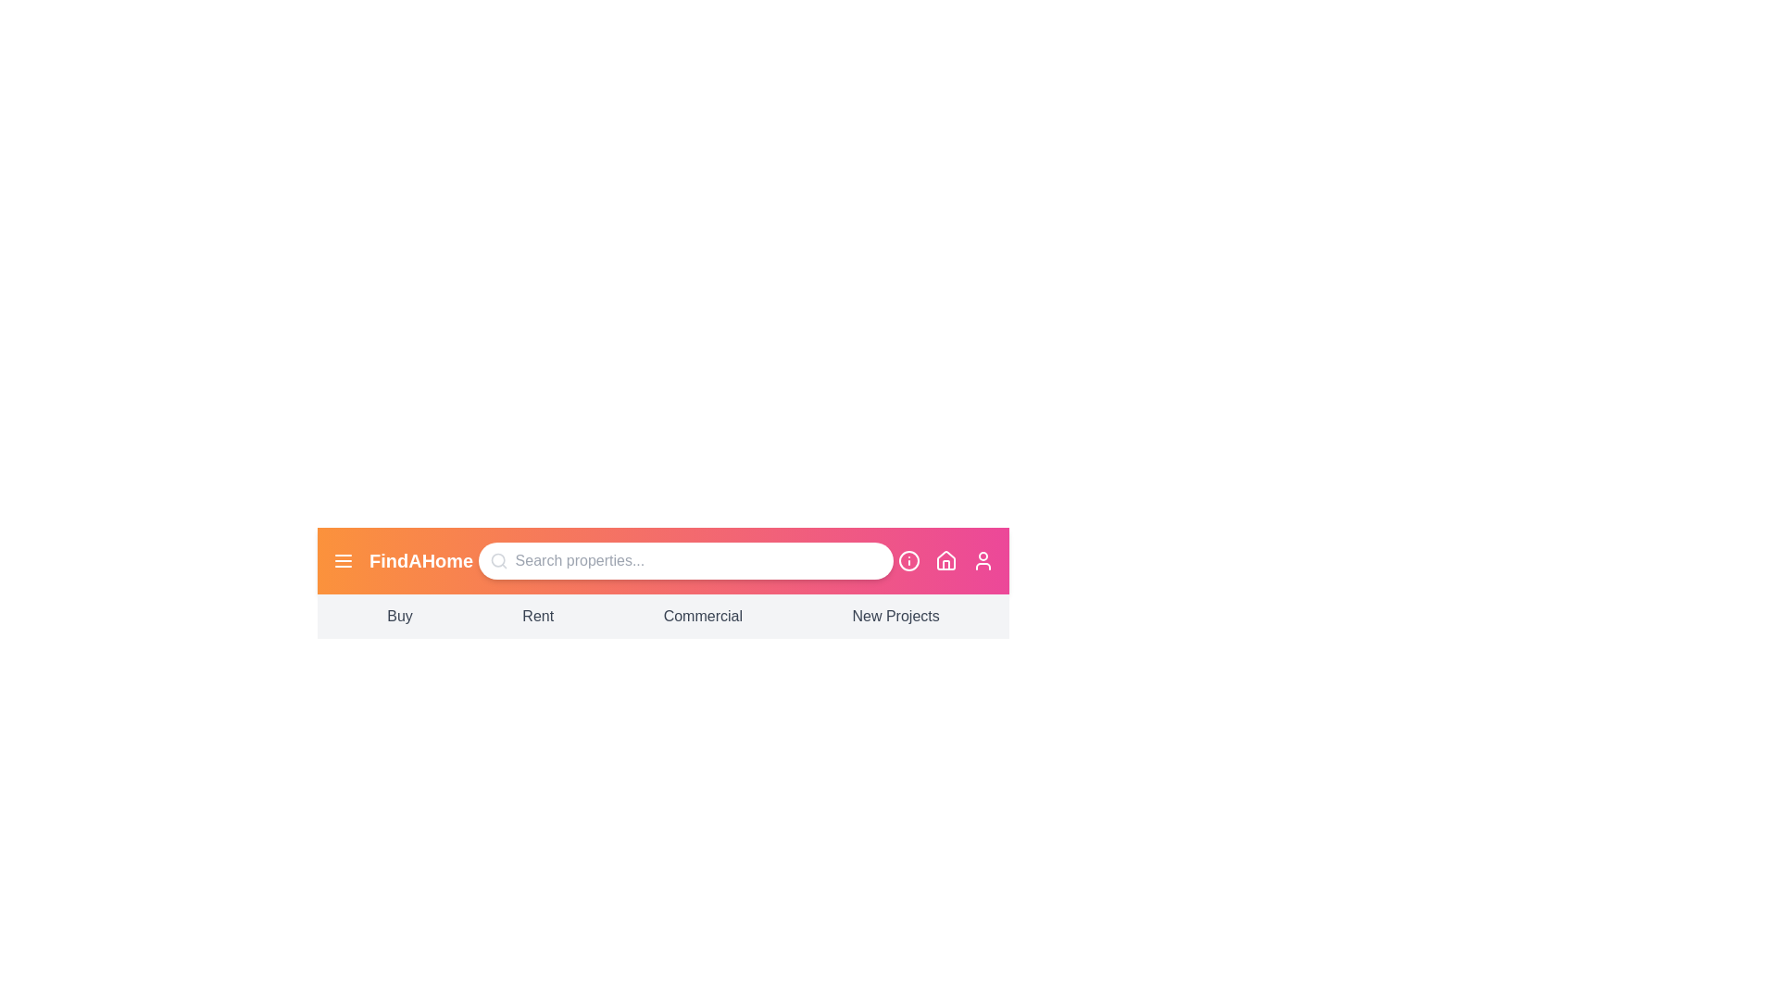 The height and width of the screenshot is (1000, 1778). I want to click on the 'Info' icon to access the information section, so click(909, 559).